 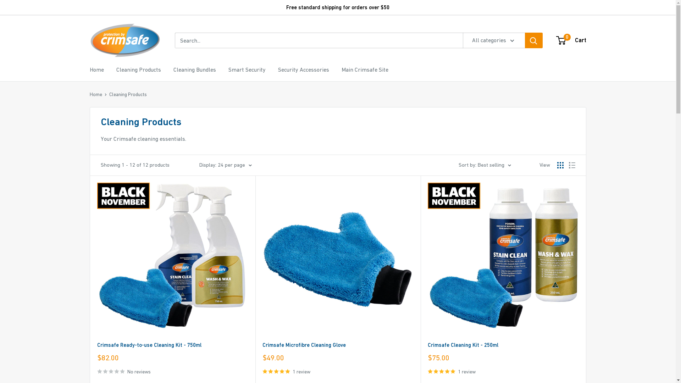 I want to click on 'Smart Security', so click(x=247, y=70).